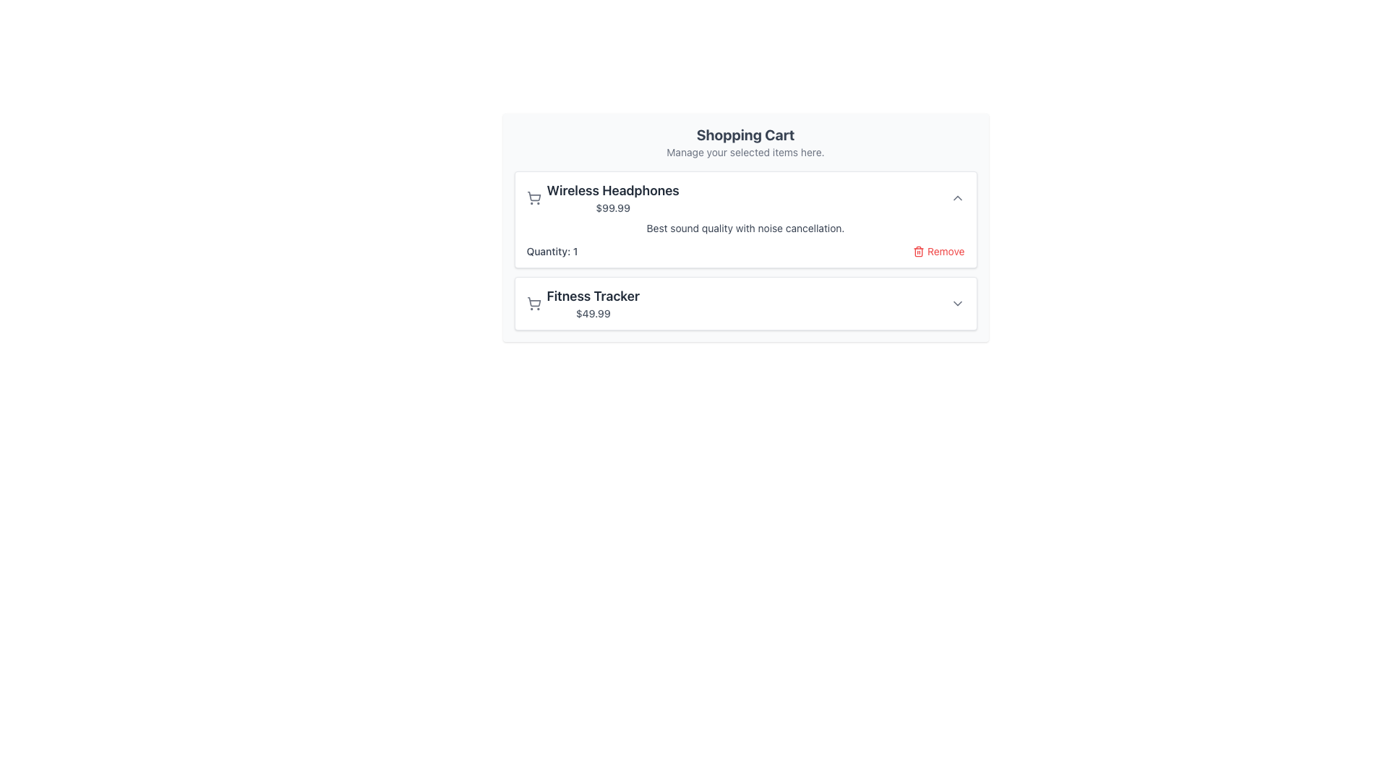  I want to click on the shopping cart icon, which is a gray outlined icon located to the left of the text 'Fitness Tracker $49.99' in the shopping cart list, so click(533, 303).